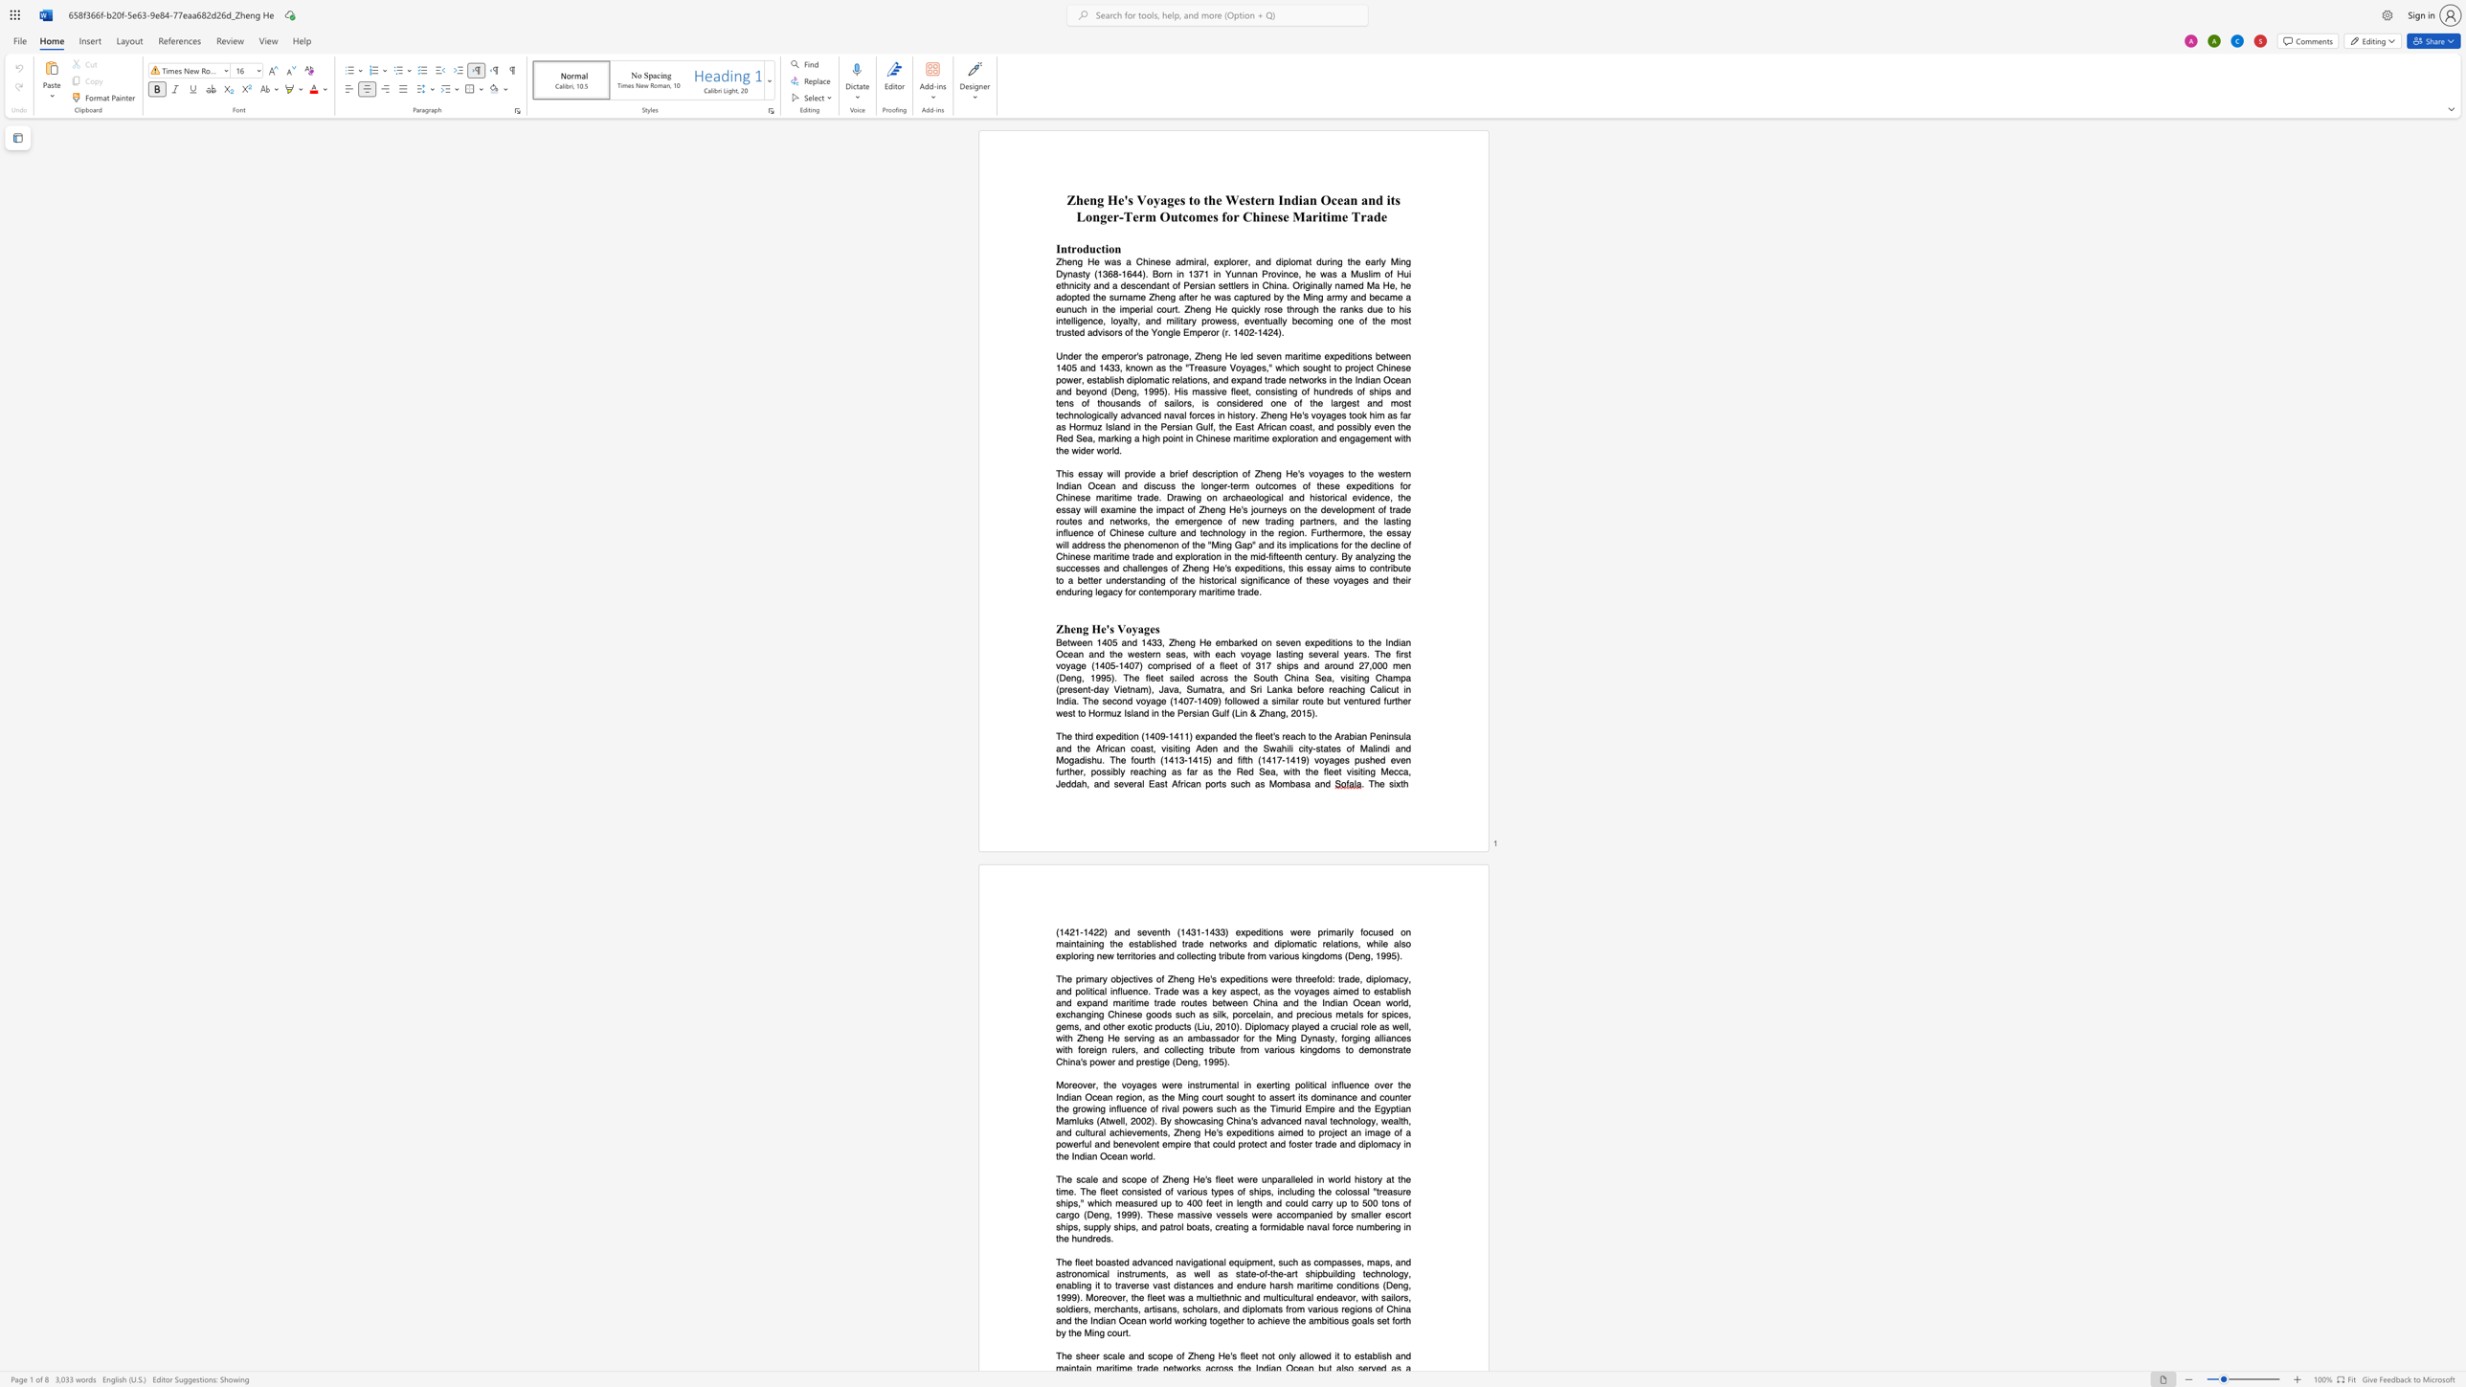  I want to click on the subset text "at the time. The fleet co" within the text "The scale and scope of Zheng He", so click(1385, 1178).